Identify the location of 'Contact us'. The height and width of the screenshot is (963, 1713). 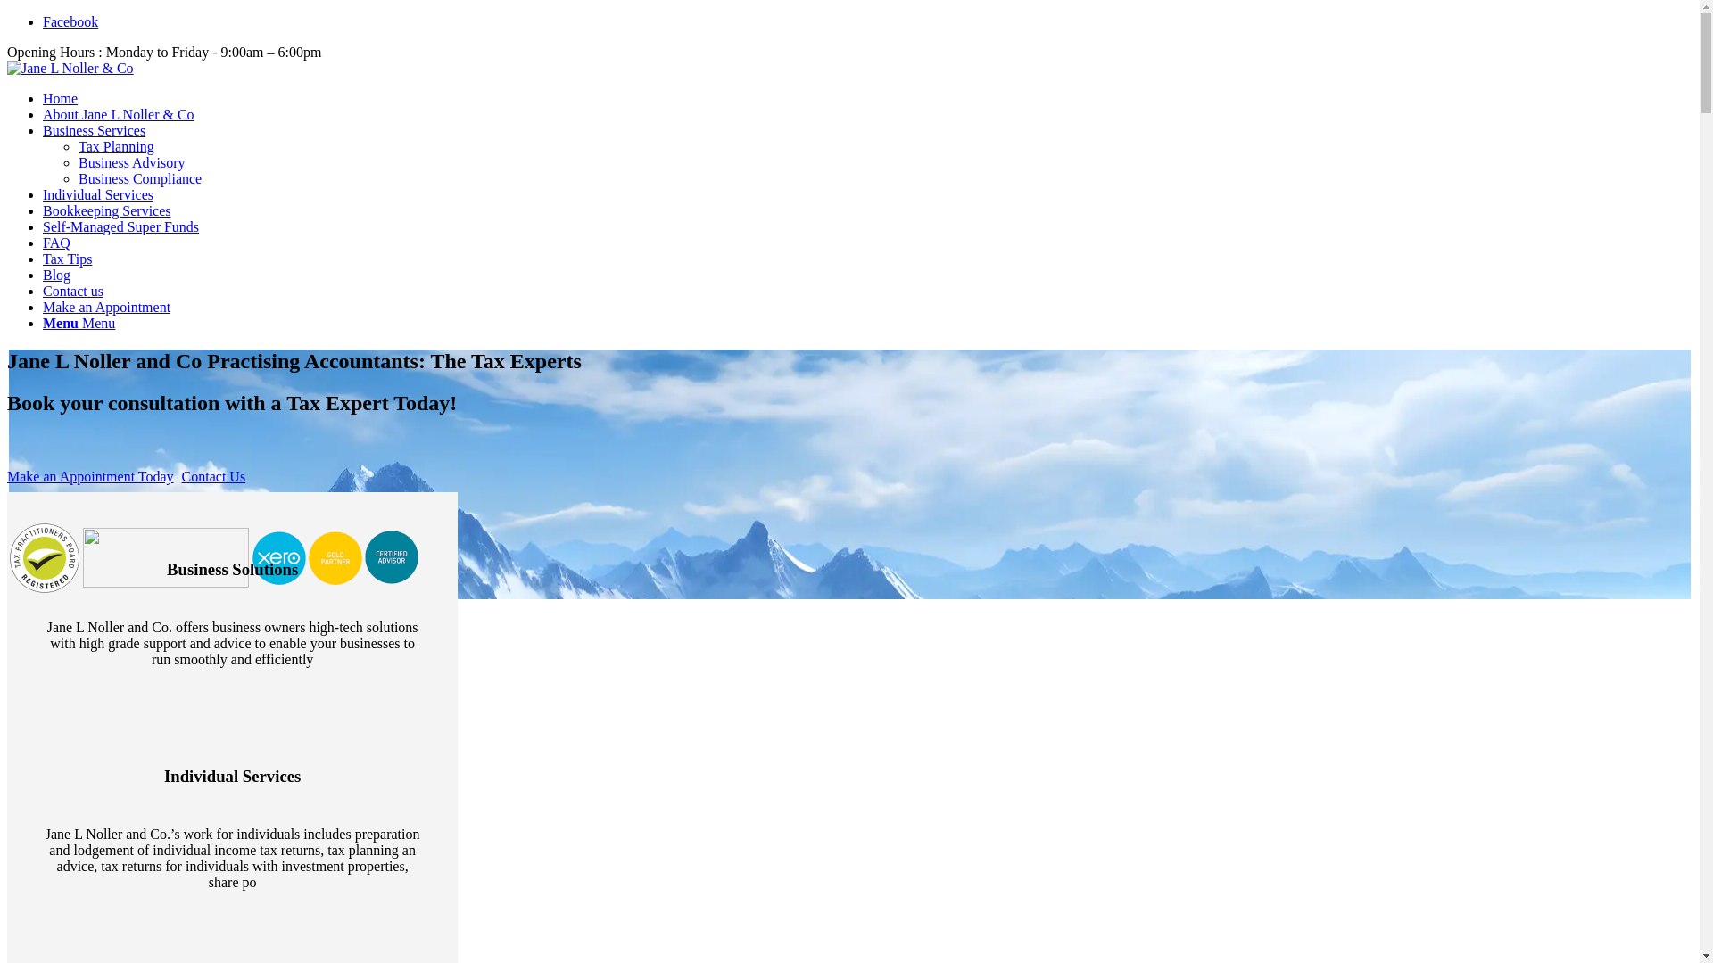
(71, 290).